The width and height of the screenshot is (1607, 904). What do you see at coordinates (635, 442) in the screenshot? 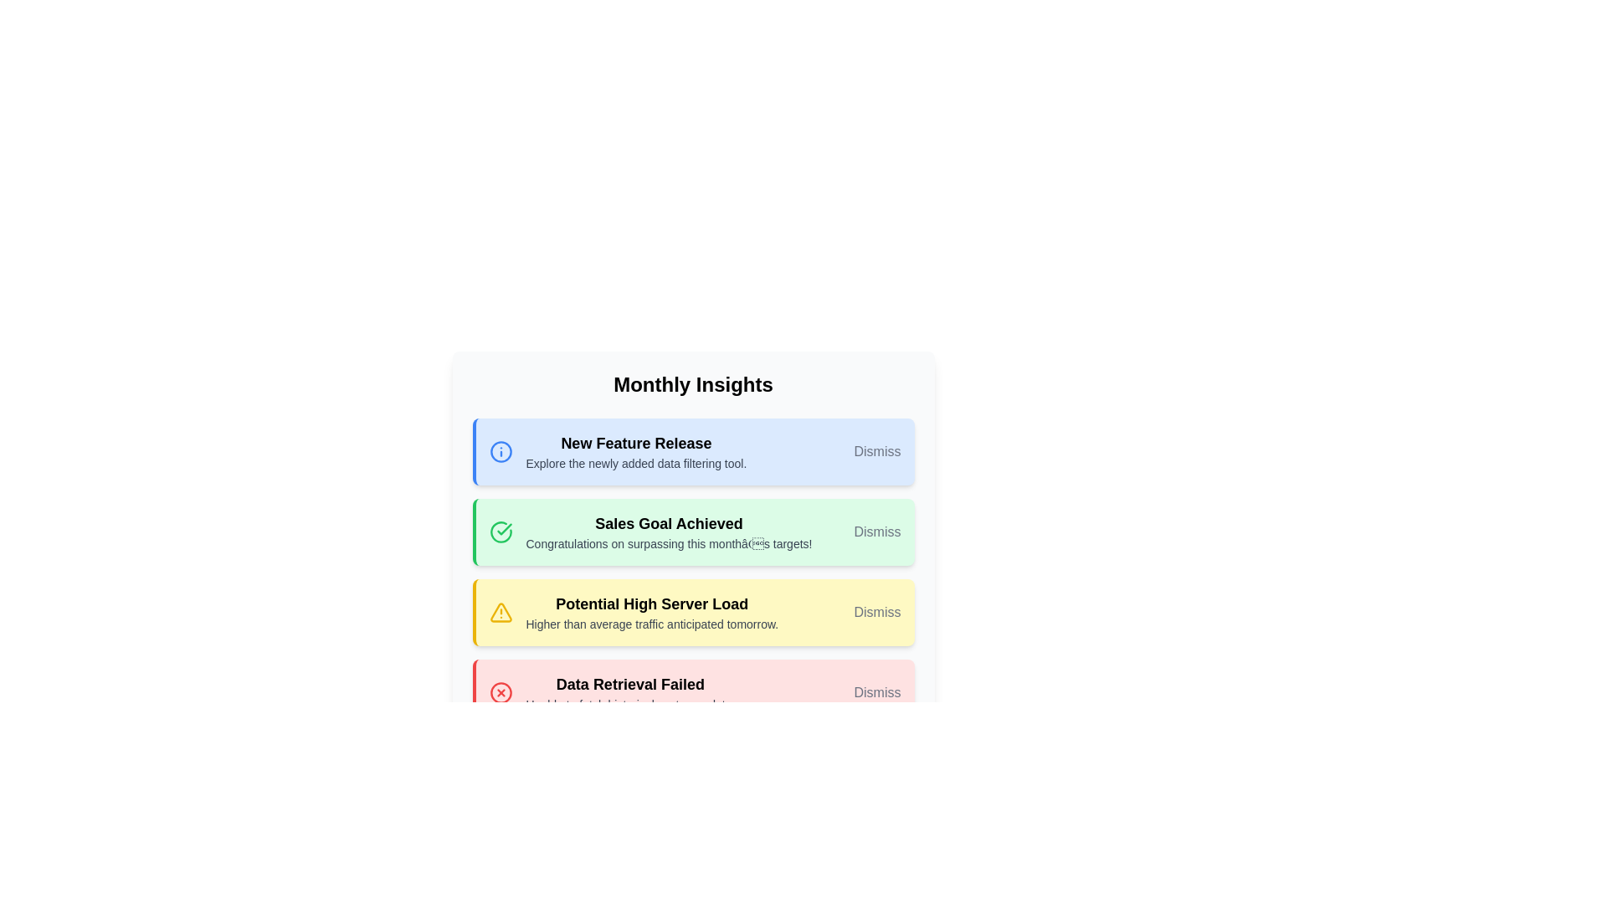
I see `the text label reading 'New Feature Release' which is styled in bold and large font, located at the top of the blue-highlighted section labeled 'Monthly Insights'` at bounding box center [635, 442].